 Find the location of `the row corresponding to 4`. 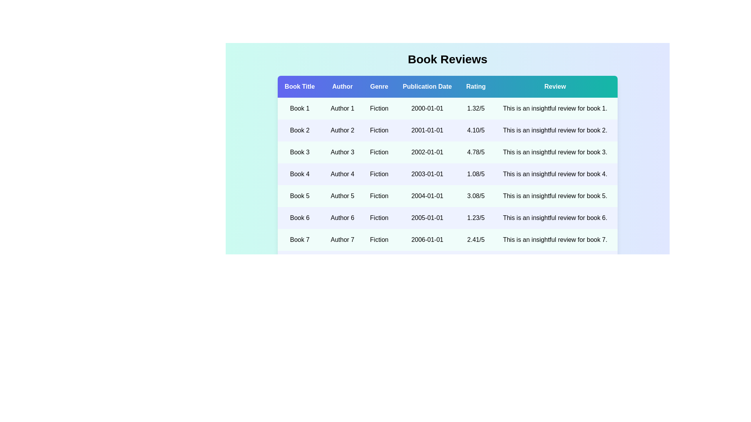

the row corresponding to 4 is located at coordinates (447, 174).